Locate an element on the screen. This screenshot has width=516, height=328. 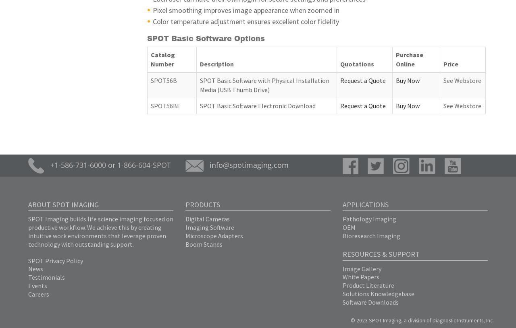
'Imaging Software' is located at coordinates (210, 227).